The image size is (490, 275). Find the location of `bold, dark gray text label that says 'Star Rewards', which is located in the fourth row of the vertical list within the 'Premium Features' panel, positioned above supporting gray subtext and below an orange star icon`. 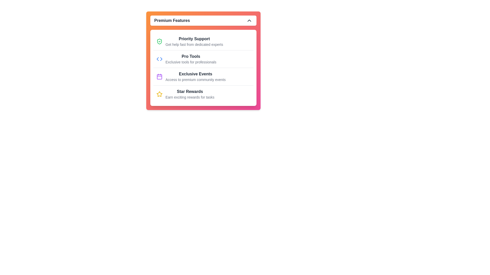

bold, dark gray text label that says 'Star Rewards', which is located in the fourth row of the vertical list within the 'Premium Features' panel, positioned above supporting gray subtext and below an orange star icon is located at coordinates (190, 91).